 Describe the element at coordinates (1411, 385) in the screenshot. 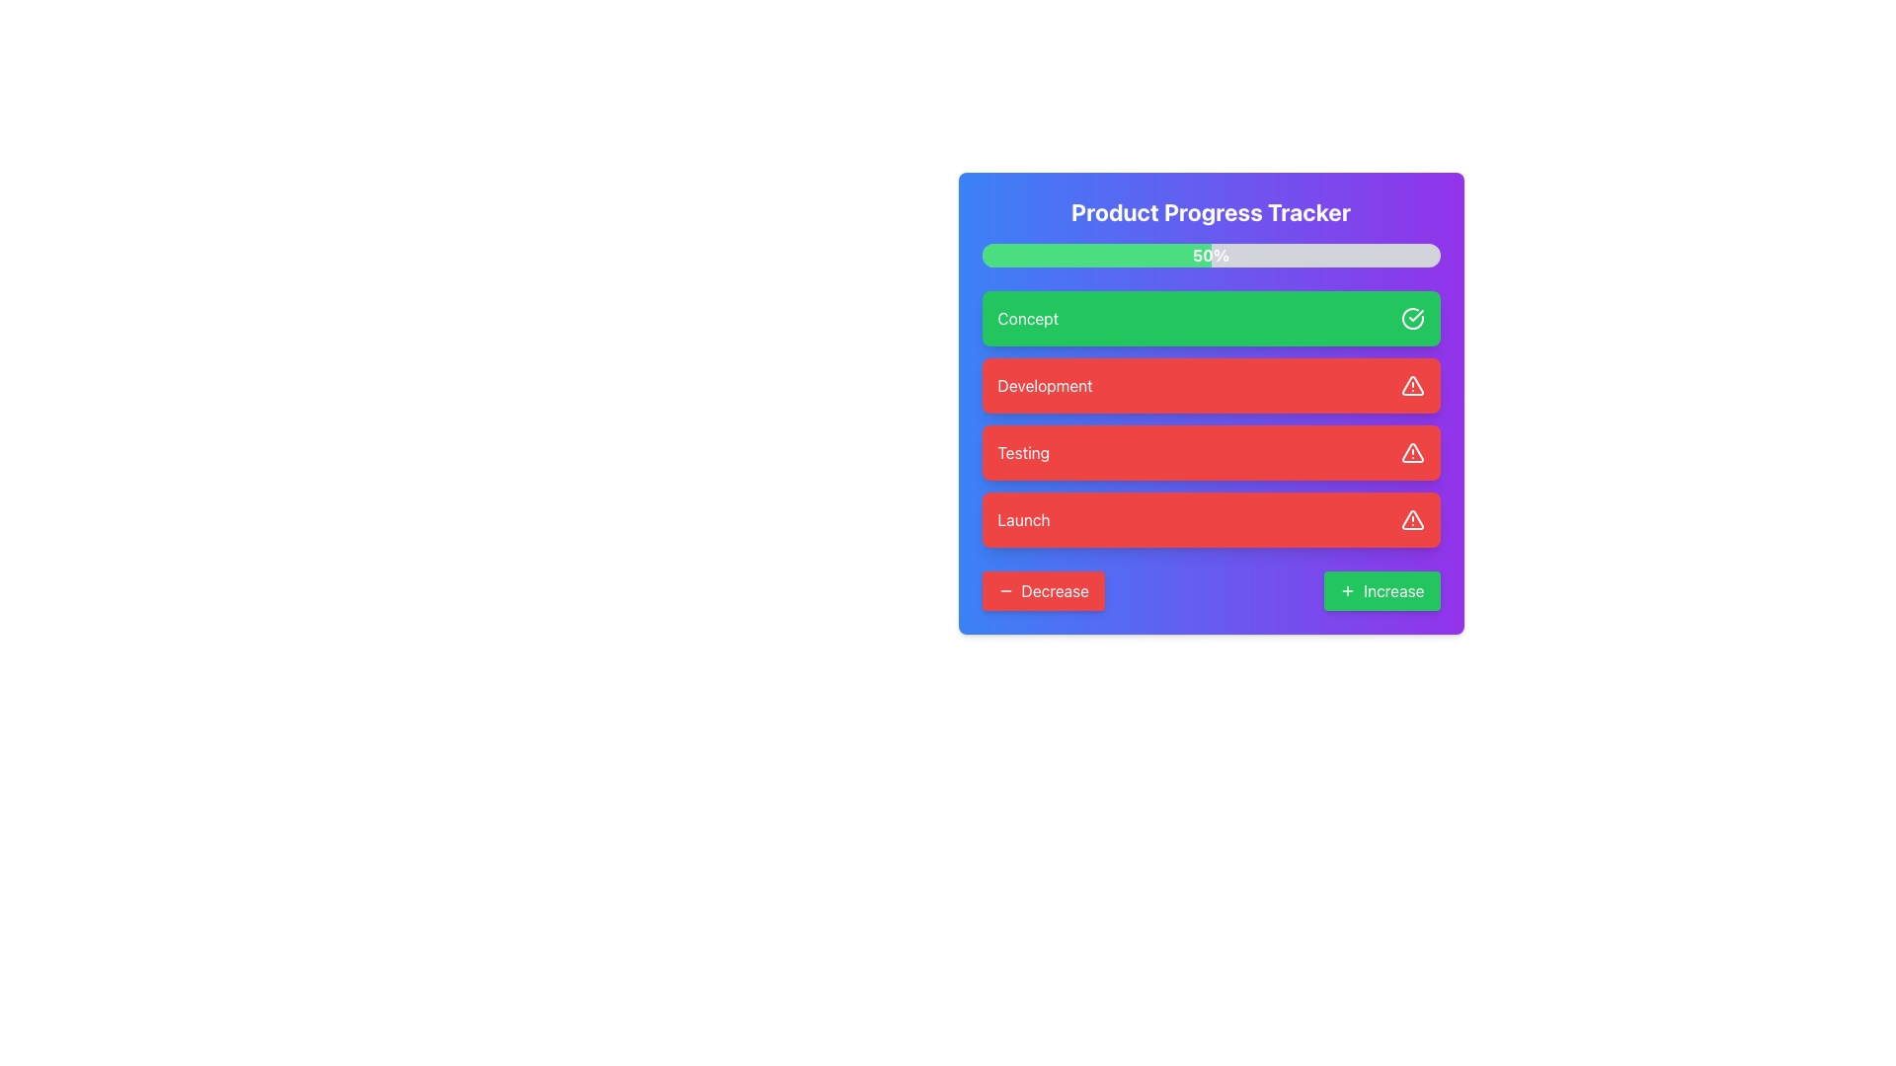

I see `the warning triangle icon located in the 'Development' section of the product progress tracker` at that location.